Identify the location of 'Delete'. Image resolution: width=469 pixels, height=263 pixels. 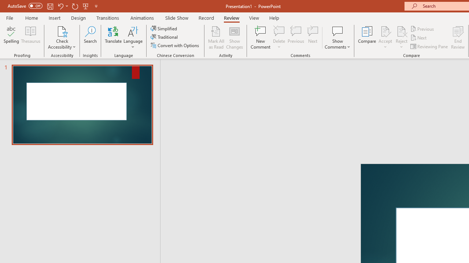
(279, 31).